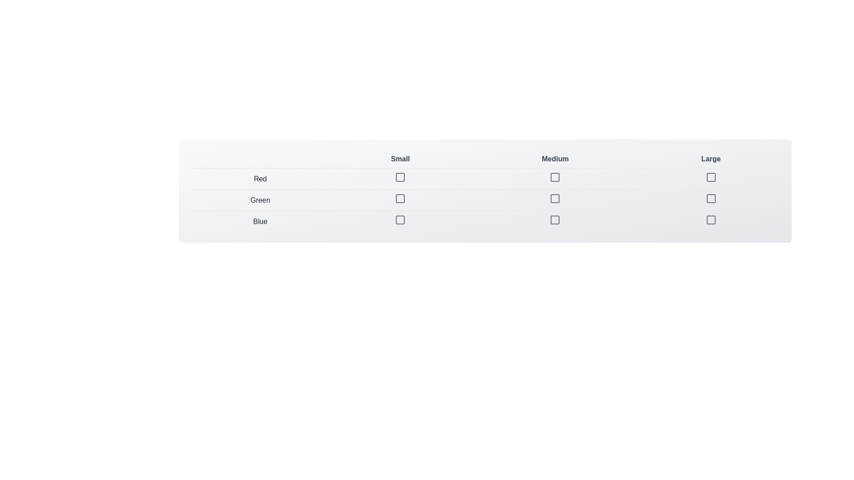 The height and width of the screenshot is (480, 854). What do you see at coordinates (260, 200) in the screenshot?
I see `the static text label that denotes the row in the table with the name 'Green', which is located in the second entry of the first column, below 'Red' and above 'Blue'` at bounding box center [260, 200].